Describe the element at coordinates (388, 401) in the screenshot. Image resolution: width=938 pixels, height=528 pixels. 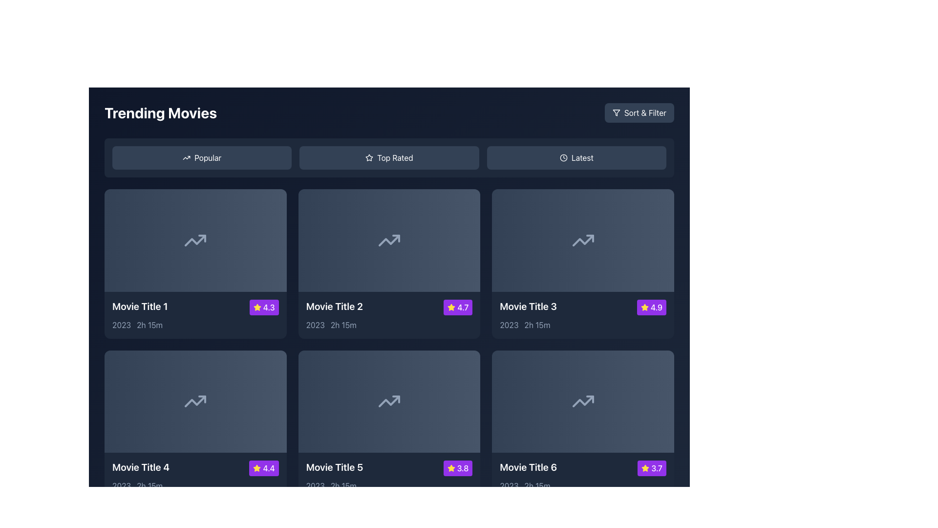
I see `the thumbnail representing the movie titled 'Movie Title 5', located in the second row, third column of the trending movies grid` at that location.